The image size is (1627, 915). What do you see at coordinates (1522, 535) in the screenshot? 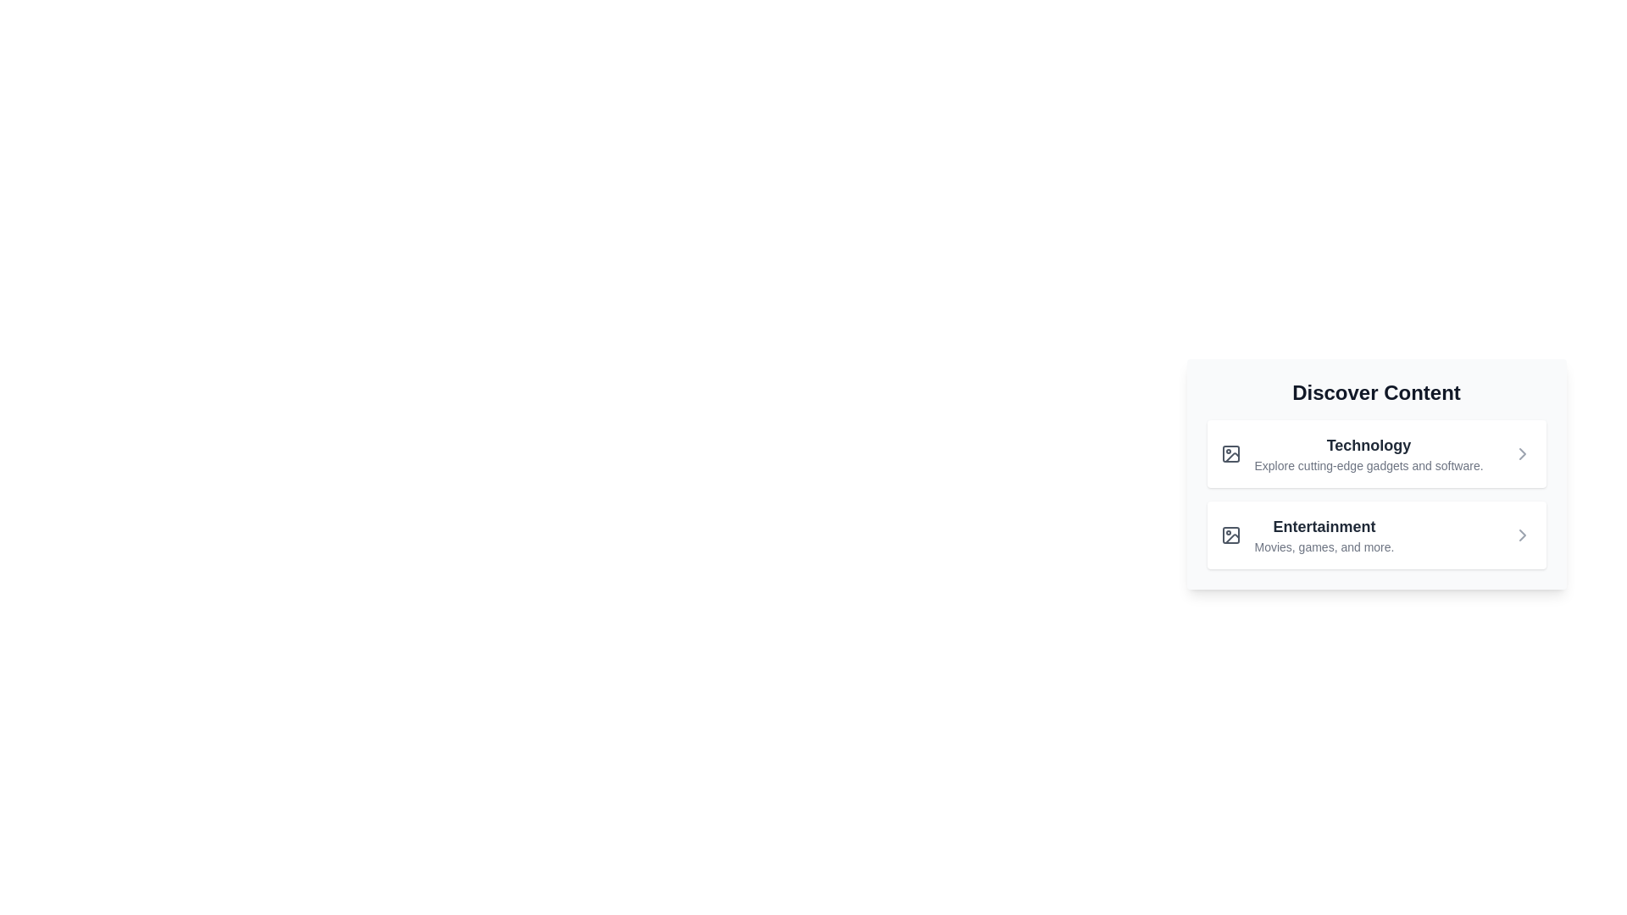
I see `the chevron icon located on the far-right side of the 'Entertainment' listing within the Discover Content section` at bounding box center [1522, 535].